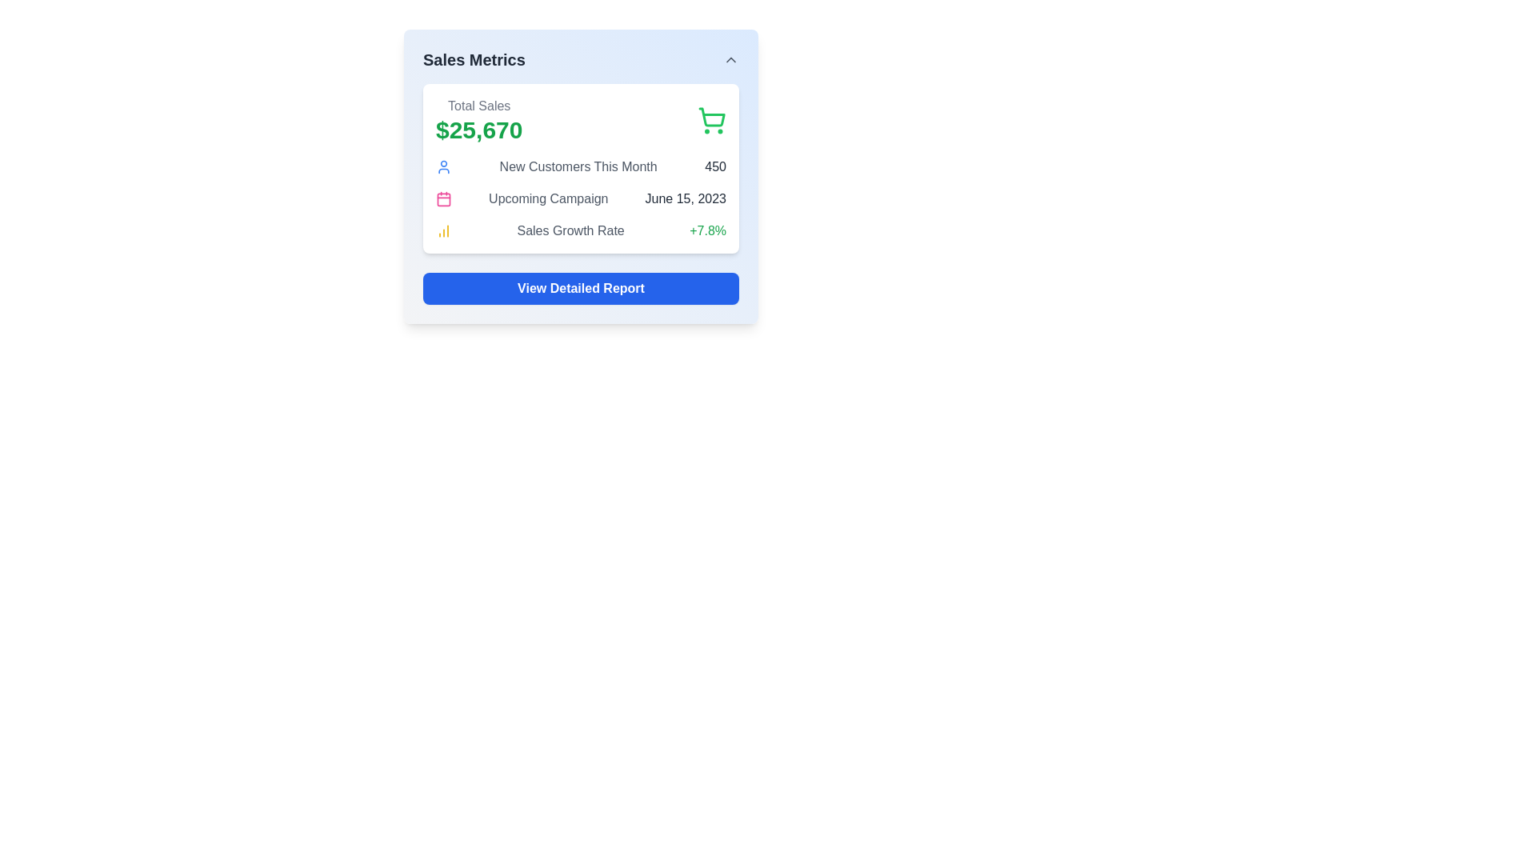 The image size is (1536, 864). What do you see at coordinates (478, 106) in the screenshot?
I see `the 'Total Sales' text label, which is displayed in light gray and positioned above the green numerical value '$25,670' on the 'Sales Metrics' card` at bounding box center [478, 106].